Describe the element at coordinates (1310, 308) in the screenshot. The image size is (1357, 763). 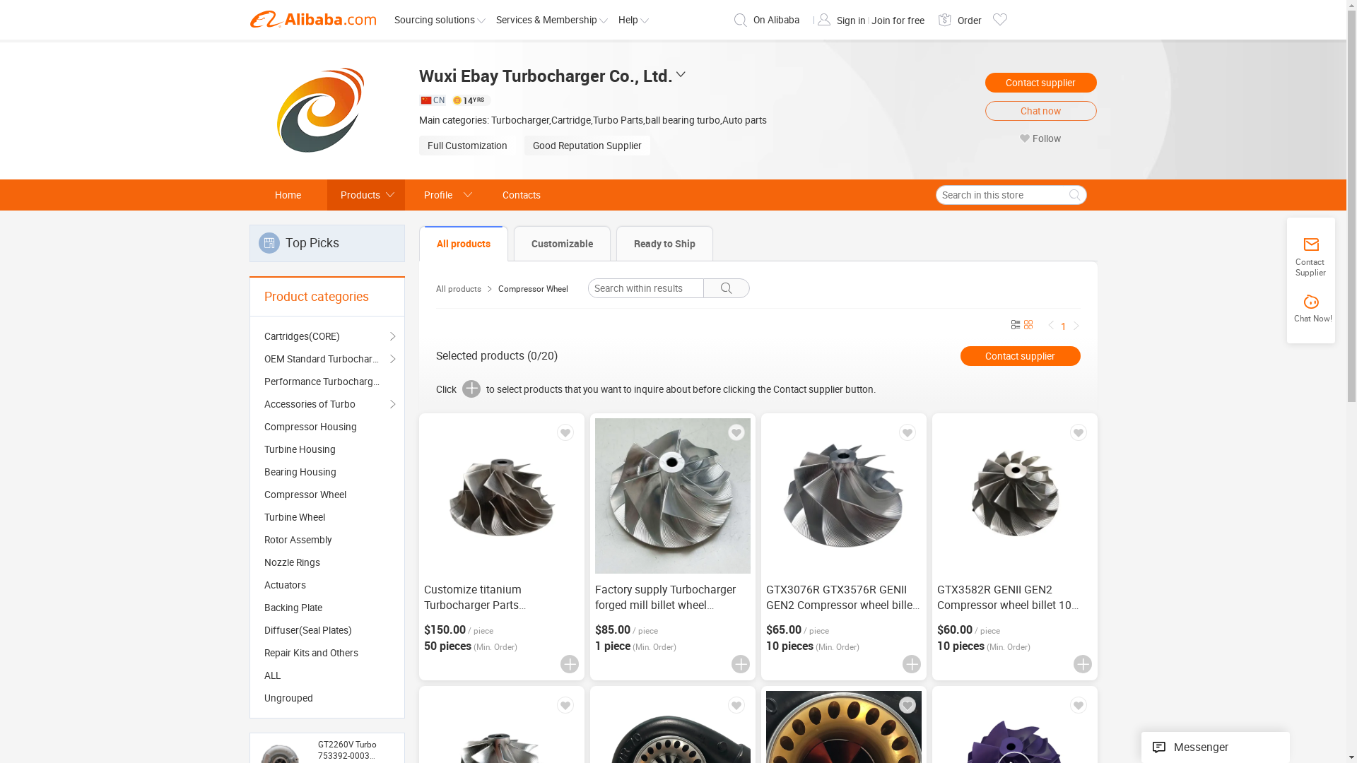
I see `'Chat Now!'` at that location.